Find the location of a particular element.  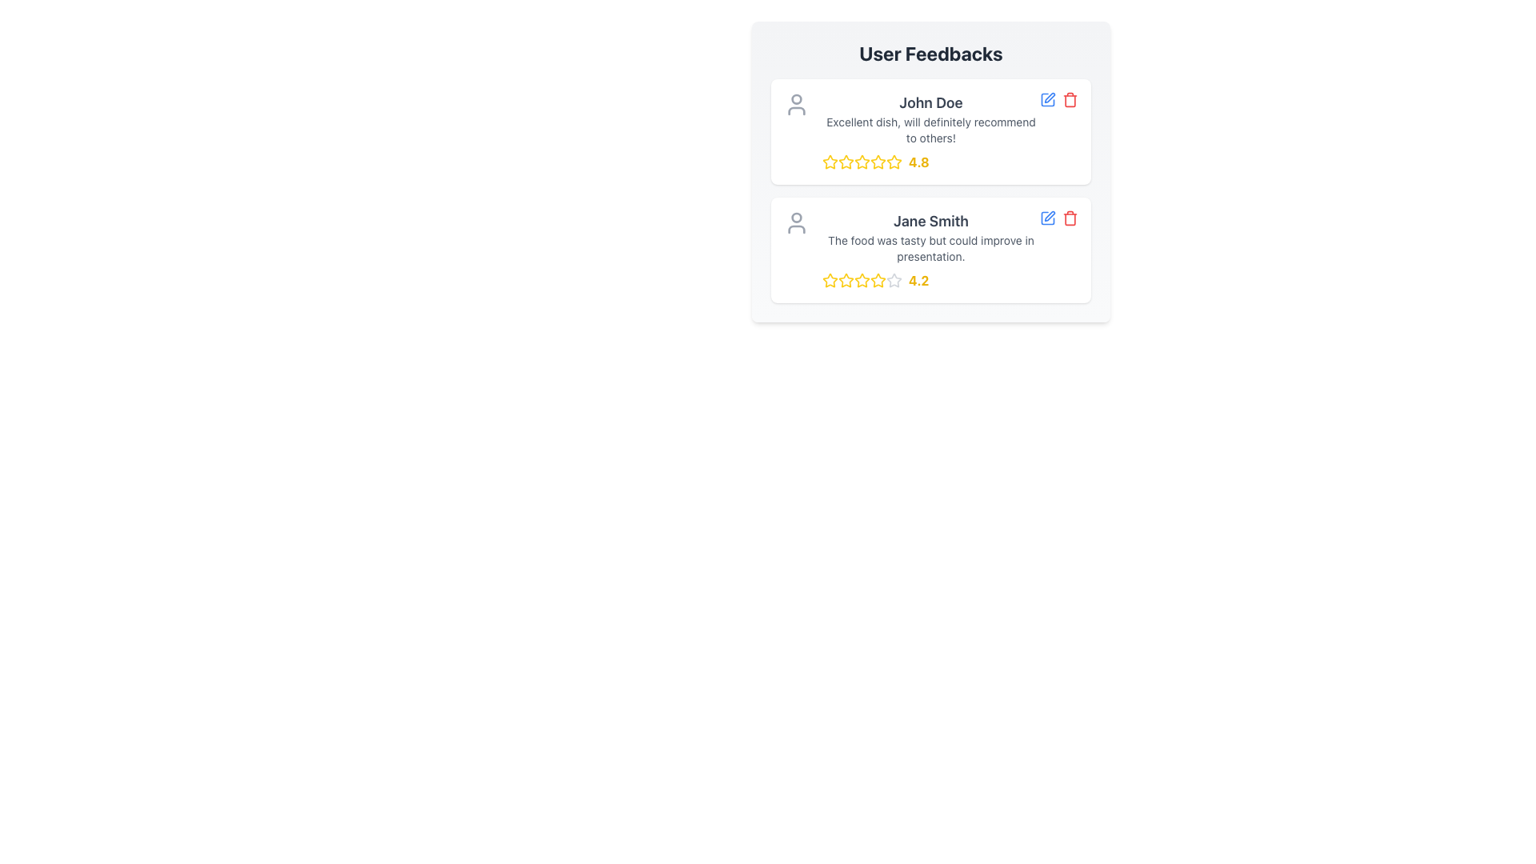

the text label displaying the numeric value '4.8' in bold yellow color, located within the feedback card labeled 'John Doe' is located at coordinates (918, 162).